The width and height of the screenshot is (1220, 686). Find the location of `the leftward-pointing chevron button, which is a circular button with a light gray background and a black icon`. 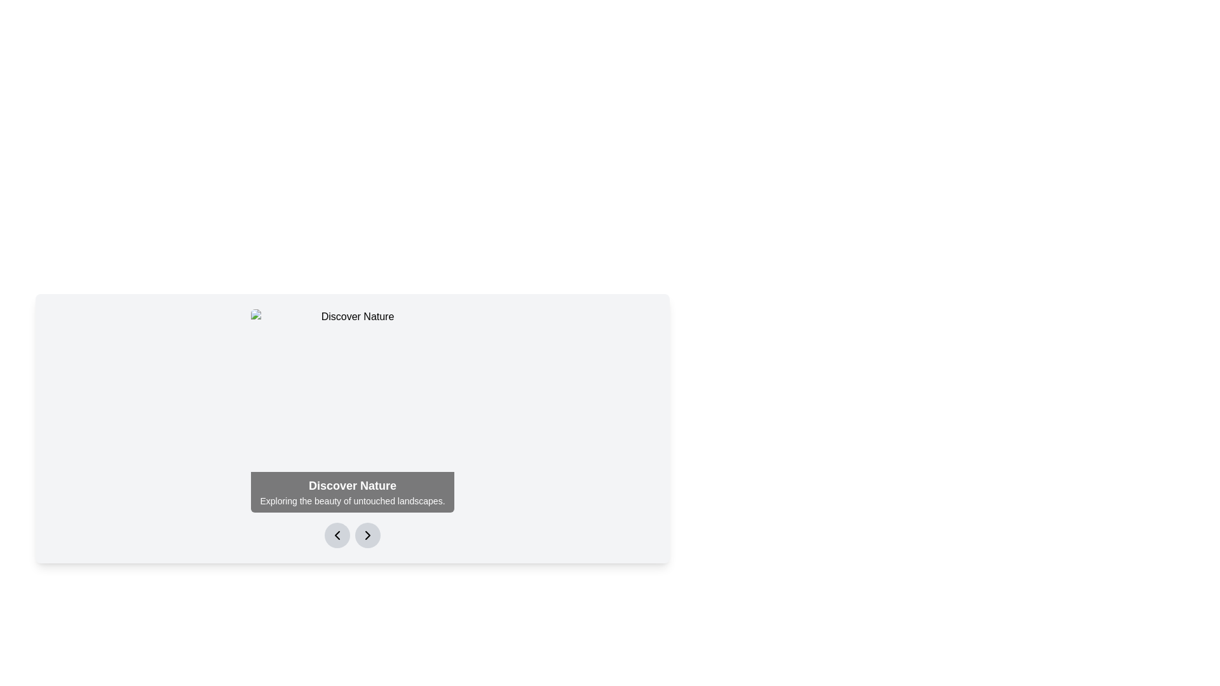

the leftward-pointing chevron button, which is a circular button with a light gray background and a black icon is located at coordinates (337, 535).